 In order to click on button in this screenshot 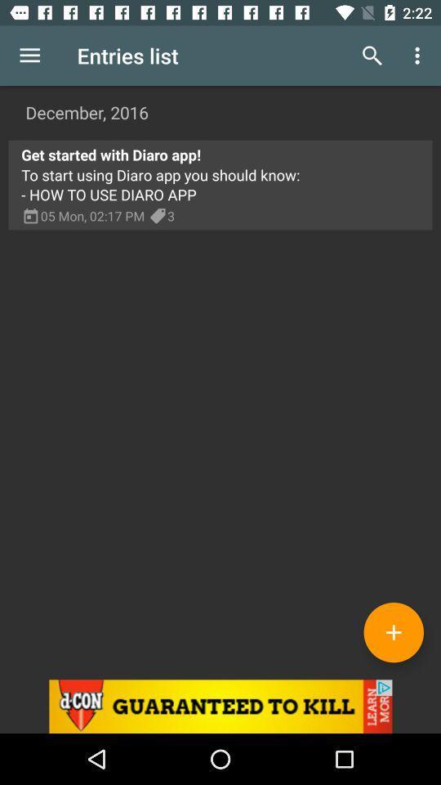, I will do `click(393, 631)`.